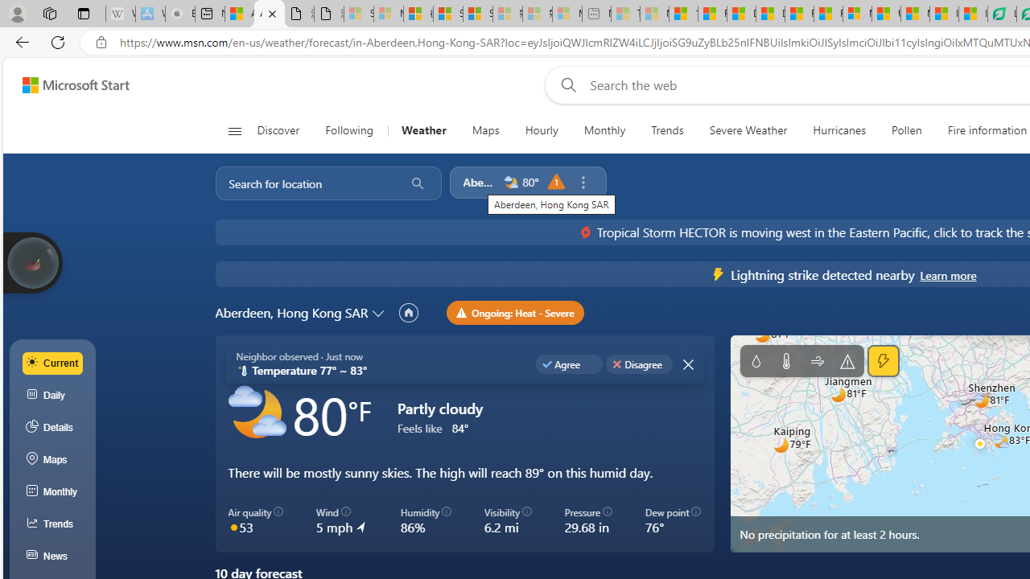 This screenshot has width=1030, height=579. What do you see at coordinates (747, 130) in the screenshot?
I see `'Severe Weather'` at bounding box center [747, 130].